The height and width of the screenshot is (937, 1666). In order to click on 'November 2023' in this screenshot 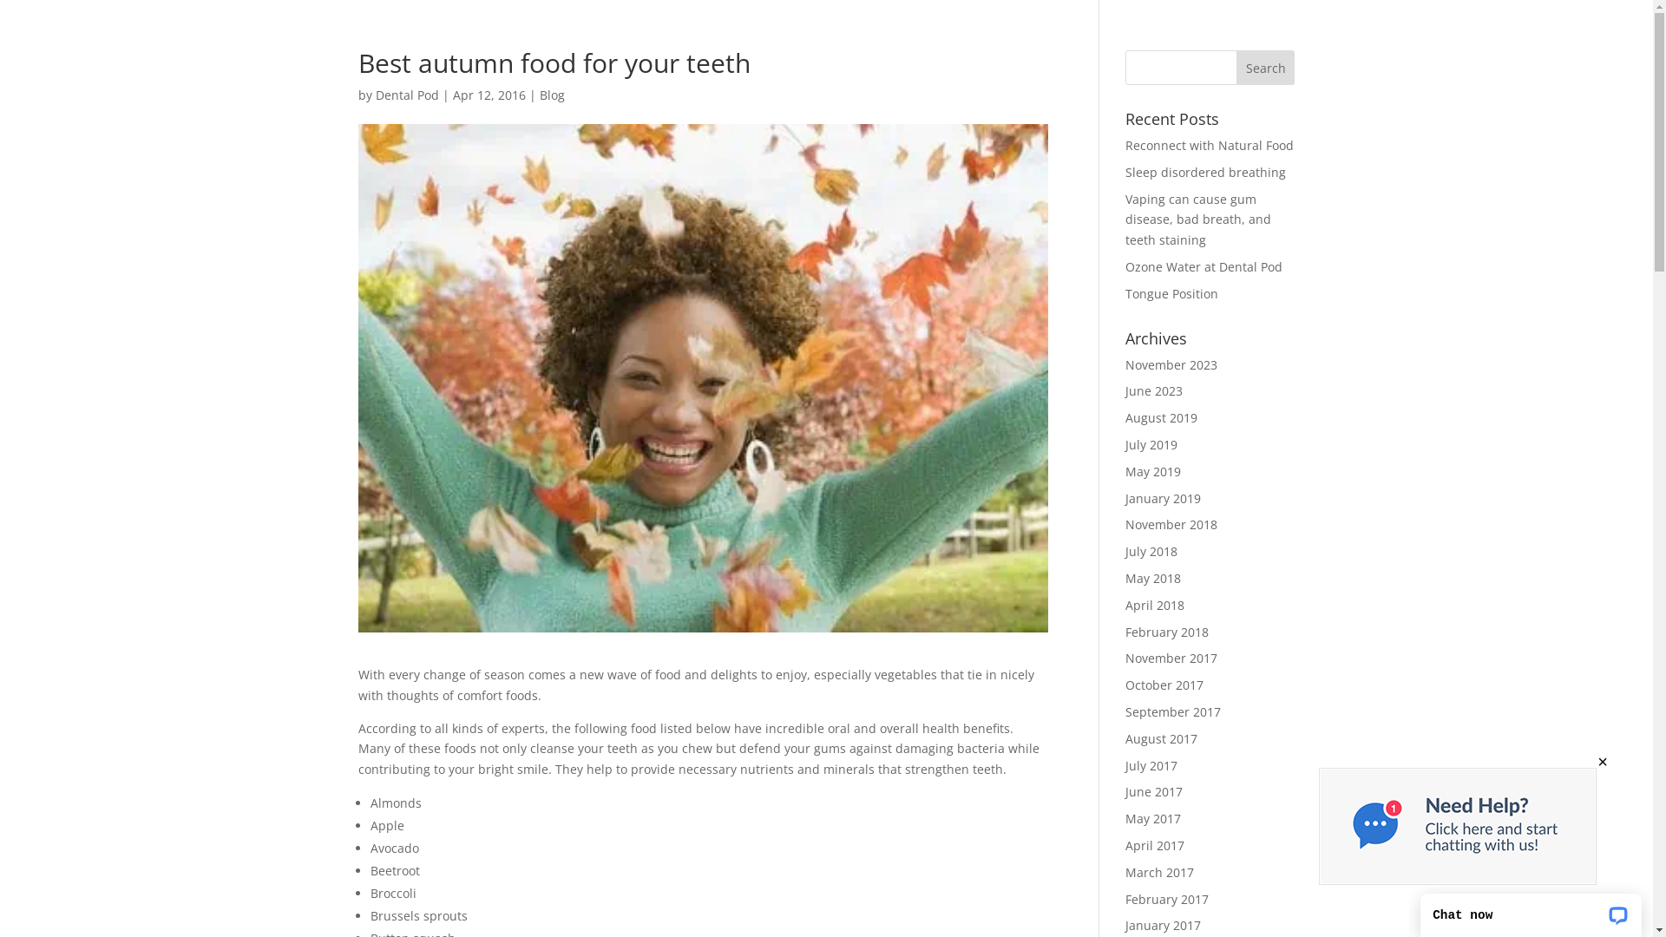, I will do `click(1171, 364)`.